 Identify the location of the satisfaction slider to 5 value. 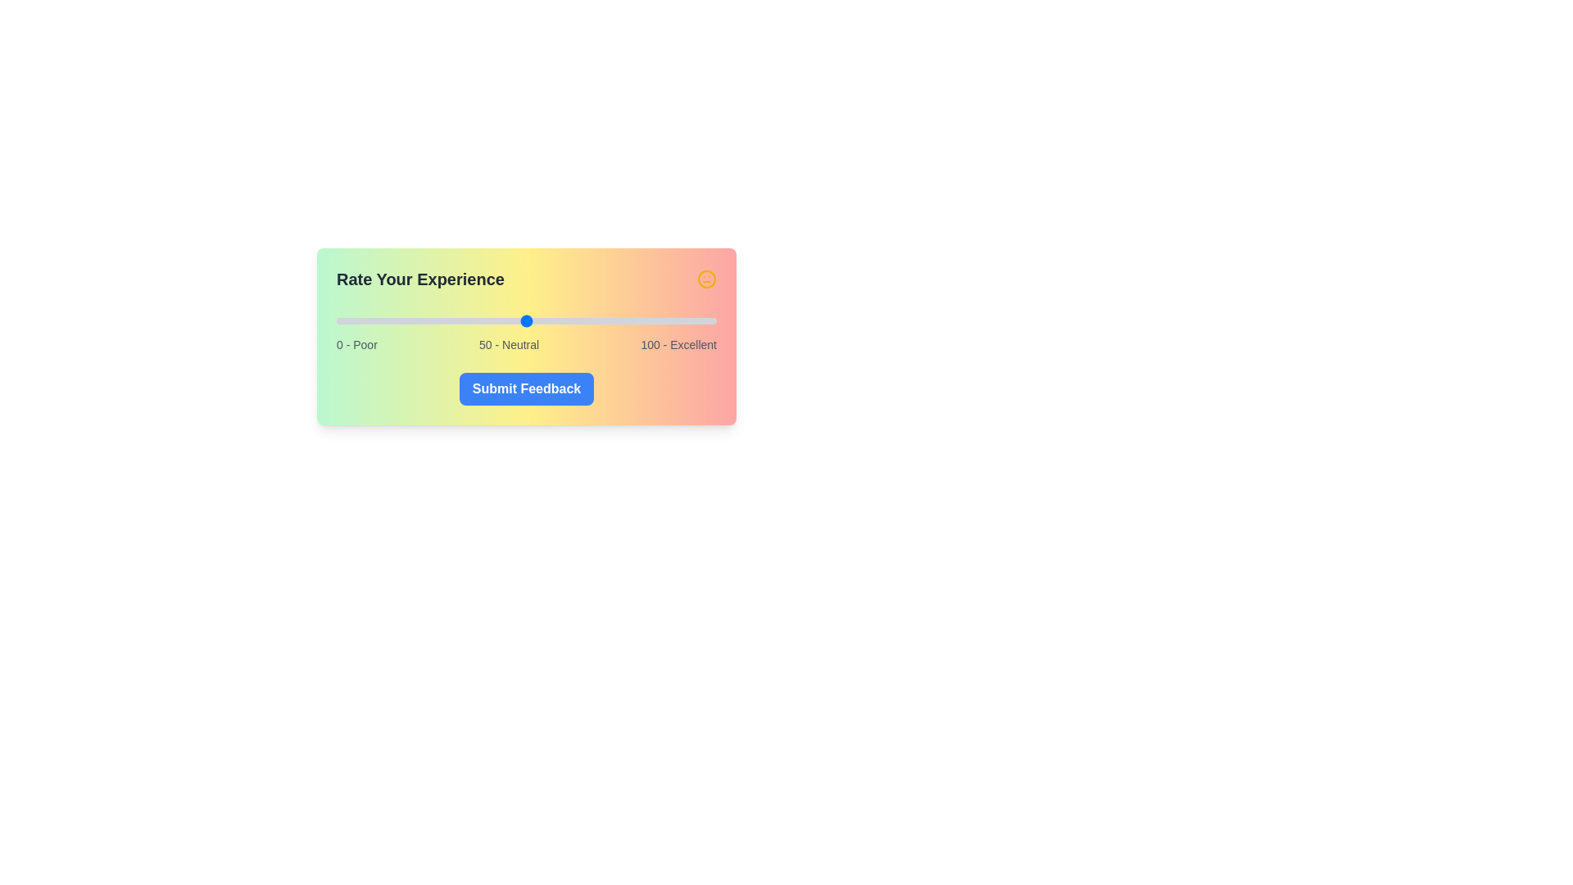
(355, 321).